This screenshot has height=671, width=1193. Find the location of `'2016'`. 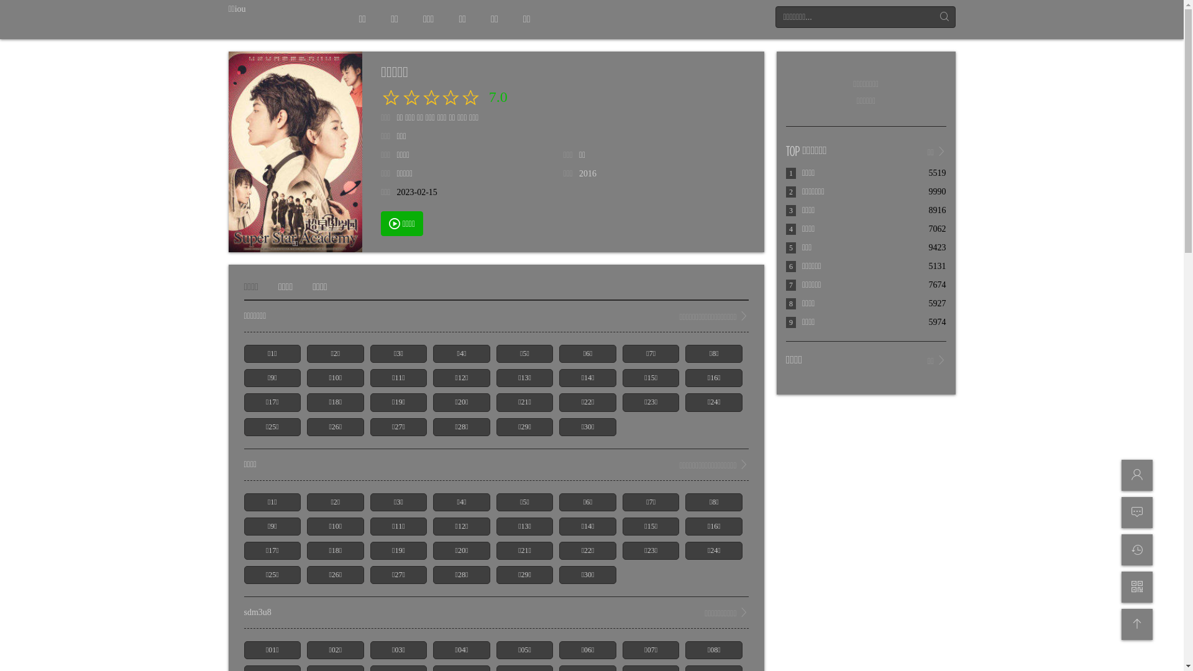

'2016' is located at coordinates (578, 173).